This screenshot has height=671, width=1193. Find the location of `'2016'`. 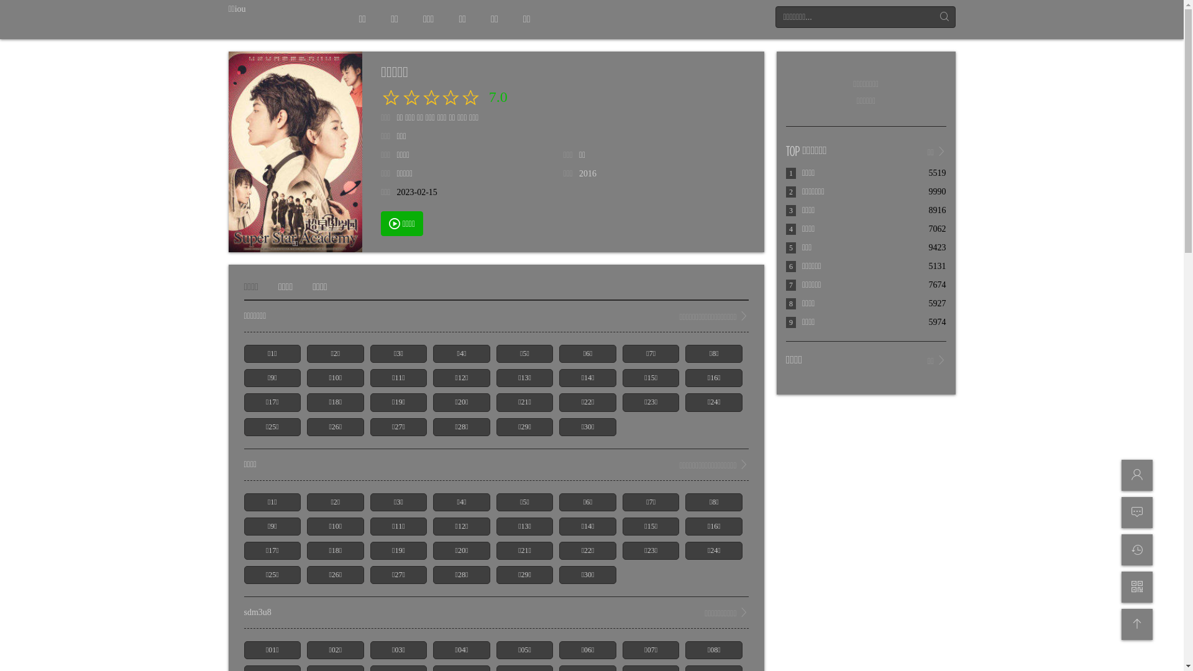

'2016' is located at coordinates (578, 173).